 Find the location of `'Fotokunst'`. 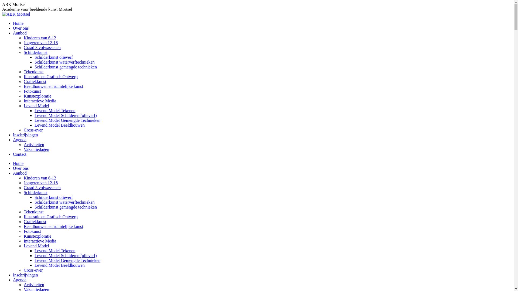

'Fotokunst' is located at coordinates (32, 91).